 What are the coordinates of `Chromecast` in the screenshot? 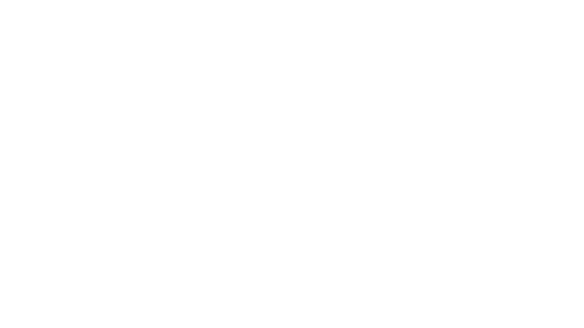 It's located at (490, 316).